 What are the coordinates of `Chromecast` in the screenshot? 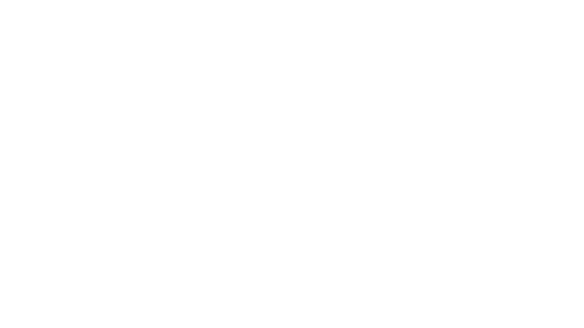 It's located at (490, 316).